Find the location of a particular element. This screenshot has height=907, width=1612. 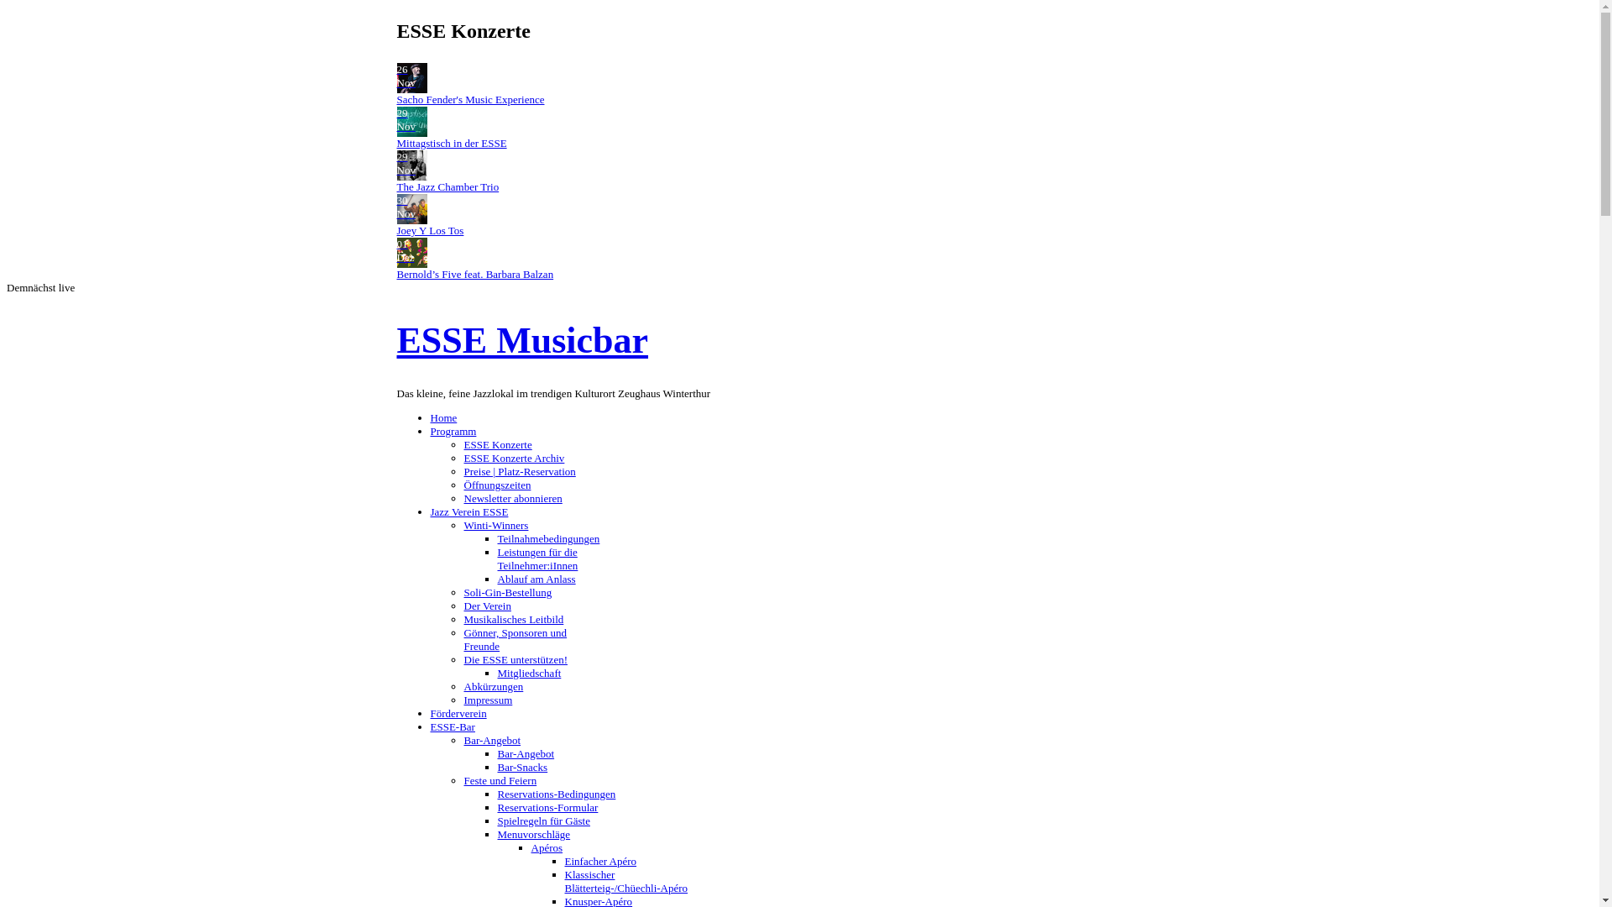

'29 is located at coordinates (798, 171).